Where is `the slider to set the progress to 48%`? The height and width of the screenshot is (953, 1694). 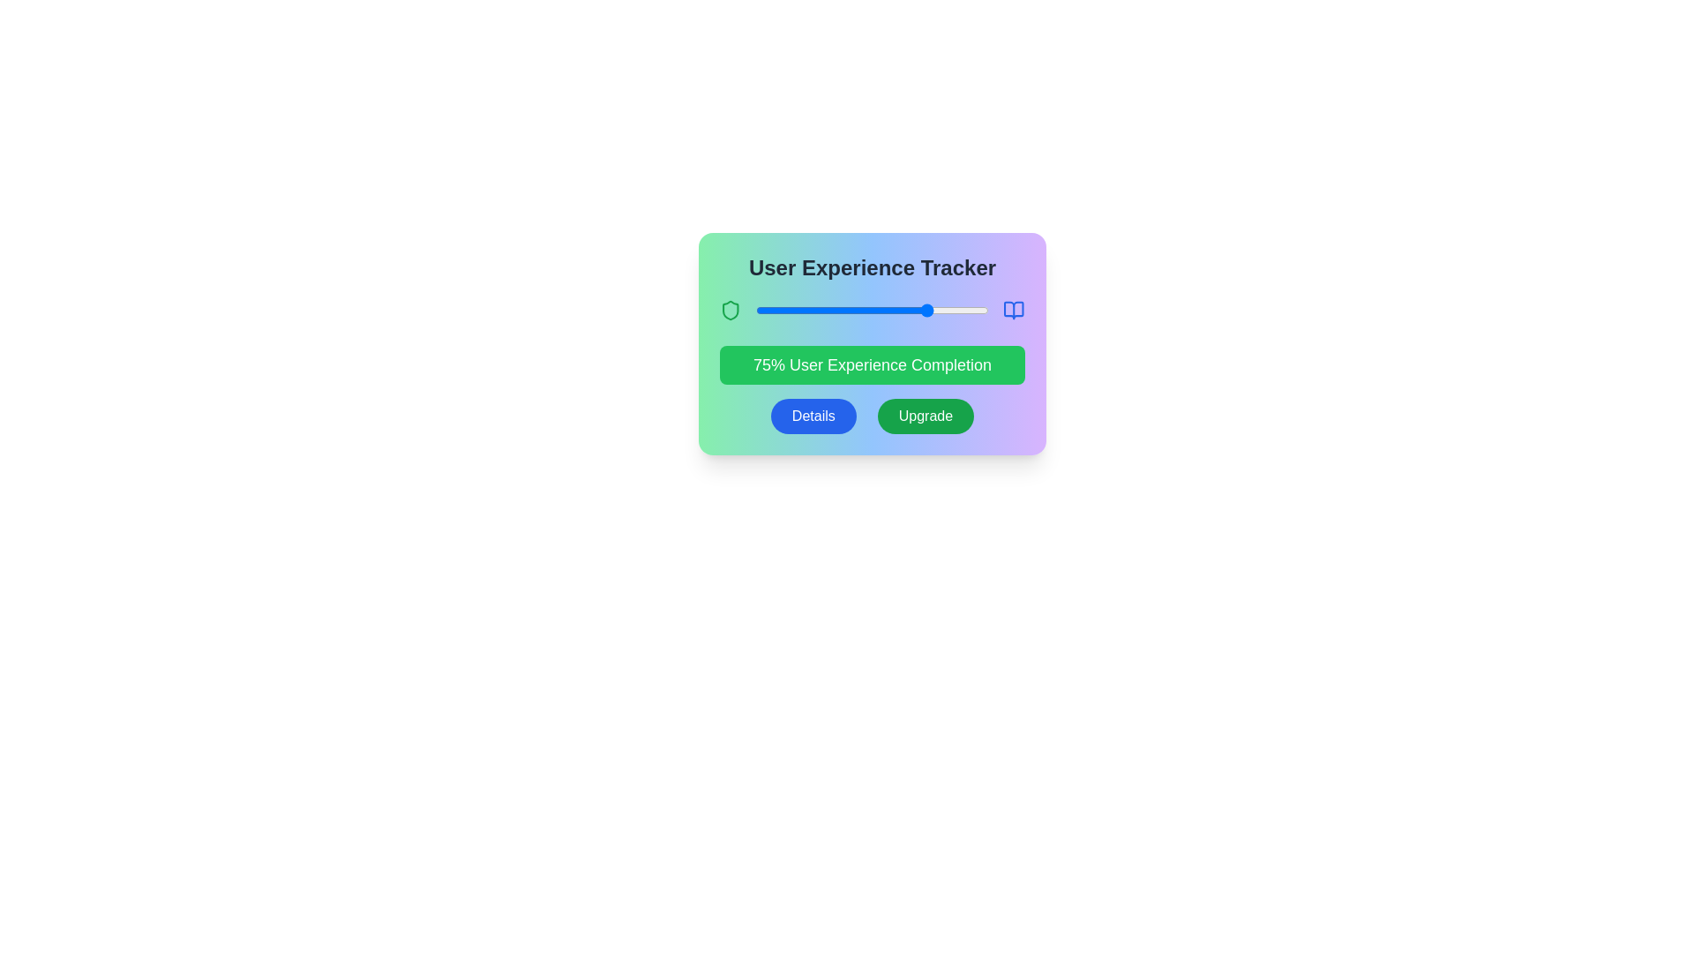
the slider to set the progress to 48% is located at coordinates (867, 309).